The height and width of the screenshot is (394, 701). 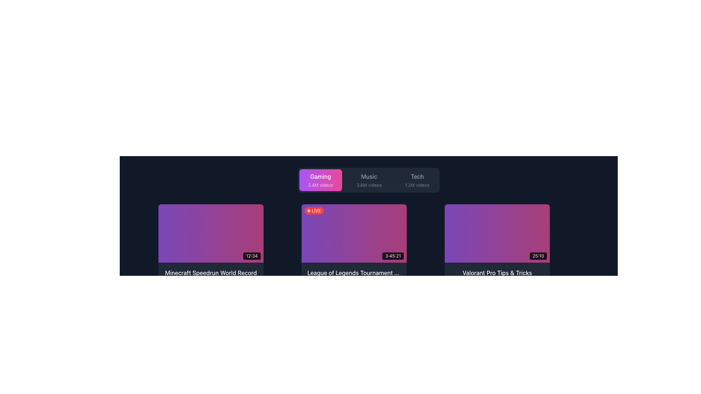 I want to click on the text label displaying 'Minecraft Speedrun World Record', which is styled in white with medium font weight and is located beneath the vibrant gradient thumbnail in the first thumbnail of a horizontal video gallery, so click(x=210, y=273).